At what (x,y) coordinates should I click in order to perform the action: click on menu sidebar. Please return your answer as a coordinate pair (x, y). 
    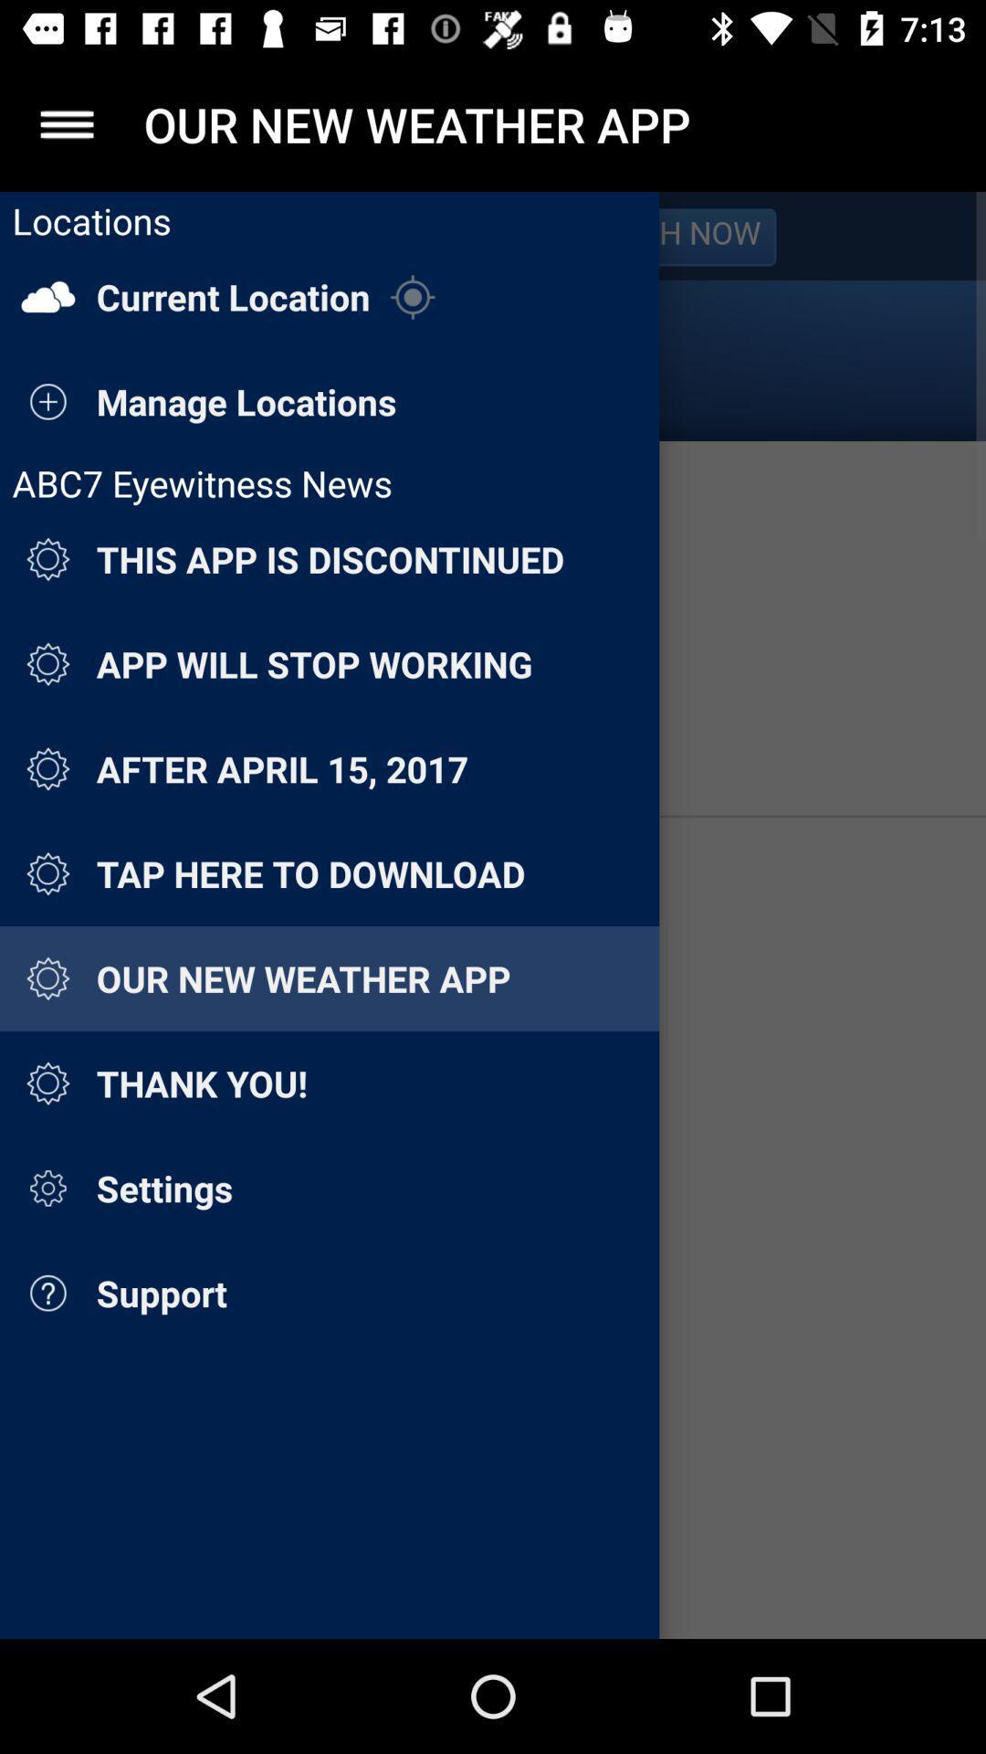
    Looking at the image, I should click on (493, 915).